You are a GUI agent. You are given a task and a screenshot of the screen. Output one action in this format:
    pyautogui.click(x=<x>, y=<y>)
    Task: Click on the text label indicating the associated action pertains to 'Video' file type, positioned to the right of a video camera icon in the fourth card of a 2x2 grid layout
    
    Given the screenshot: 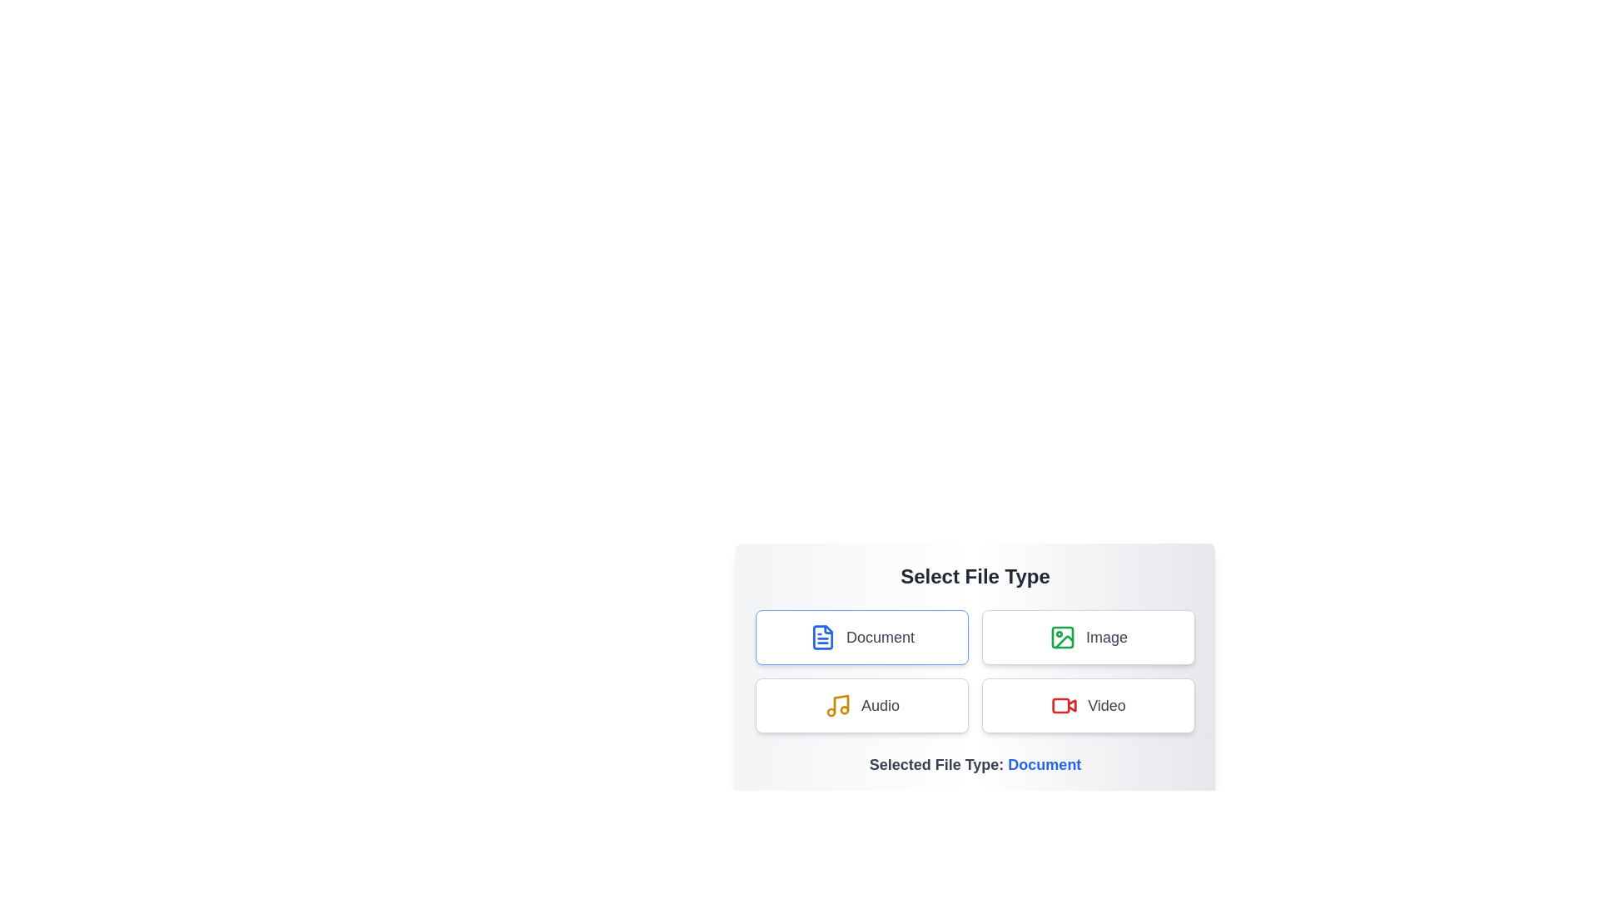 What is the action you would take?
    pyautogui.click(x=1106, y=706)
    